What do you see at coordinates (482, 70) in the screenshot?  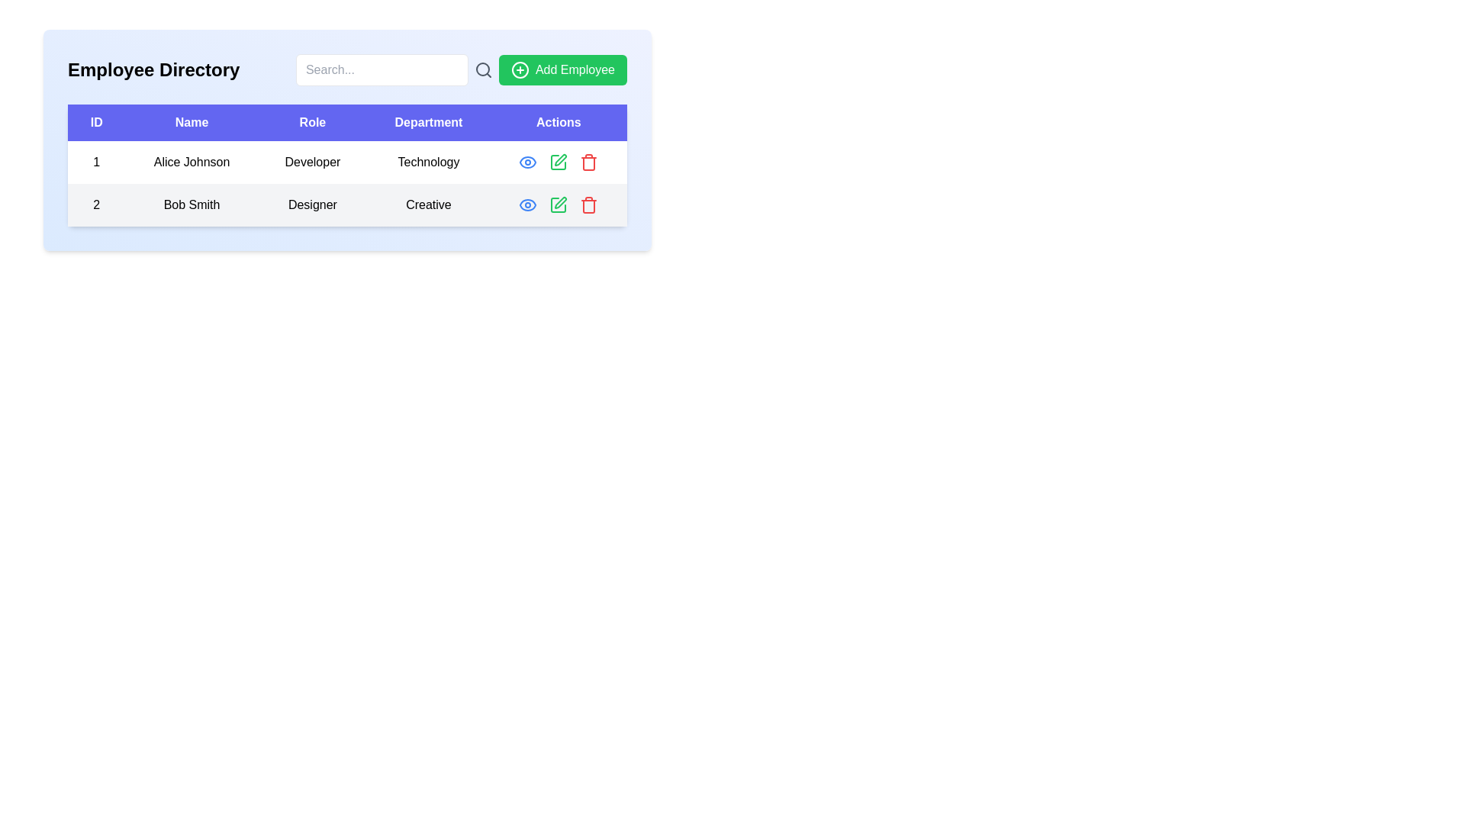 I see `the search icon located between the 'Search...' input field and the 'Add Employee' button to invoke the search functionality` at bounding box center [482, 70].